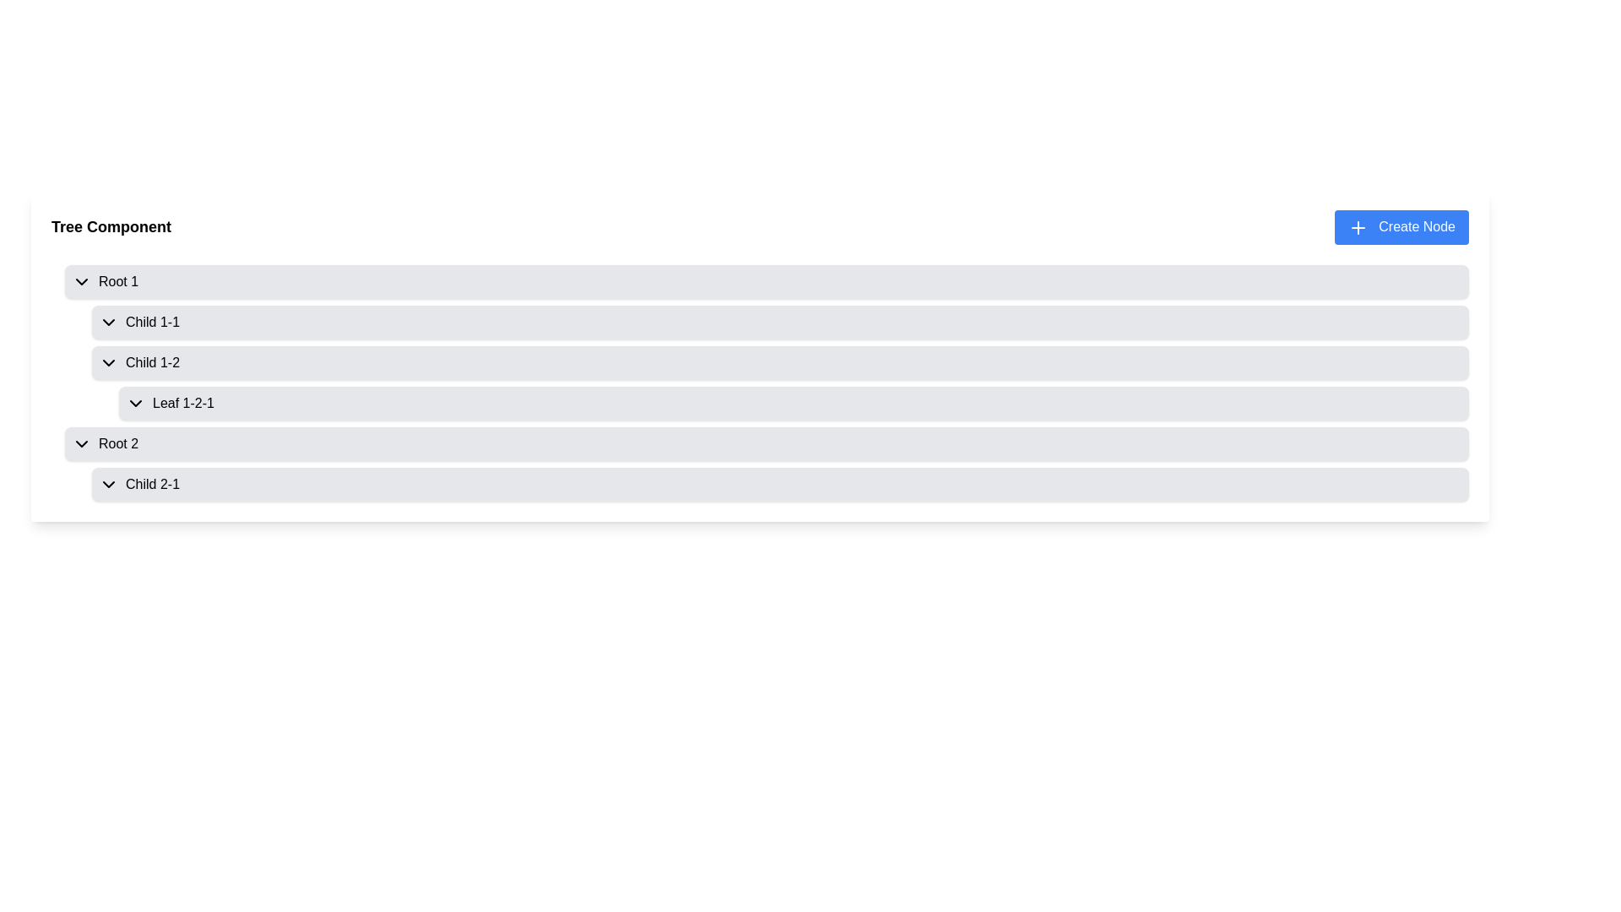  I want to click on the Tree node labeled 'Leaf 1-2-1' with a light gray background, so click(786, 403).